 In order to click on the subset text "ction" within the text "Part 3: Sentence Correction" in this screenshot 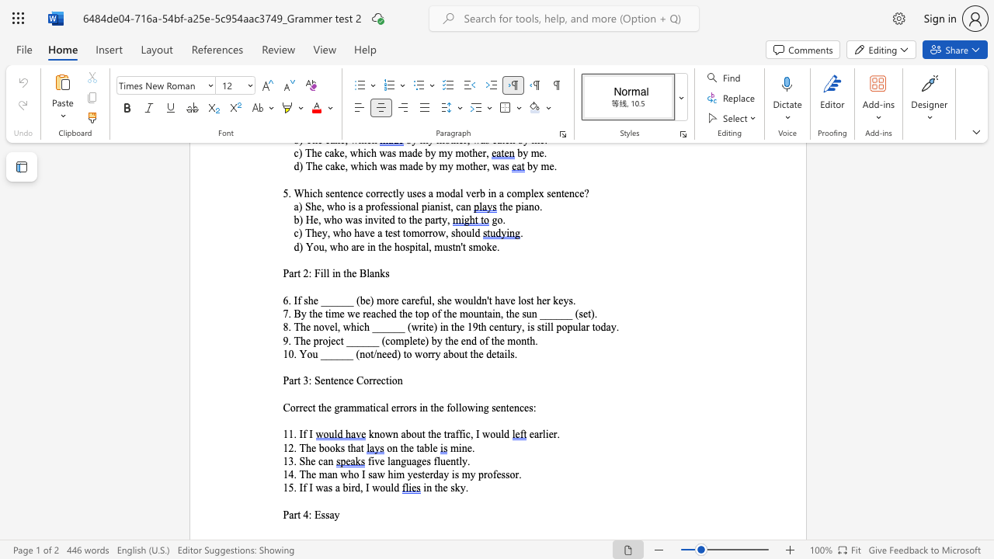, I will do `click(381, 380)`.